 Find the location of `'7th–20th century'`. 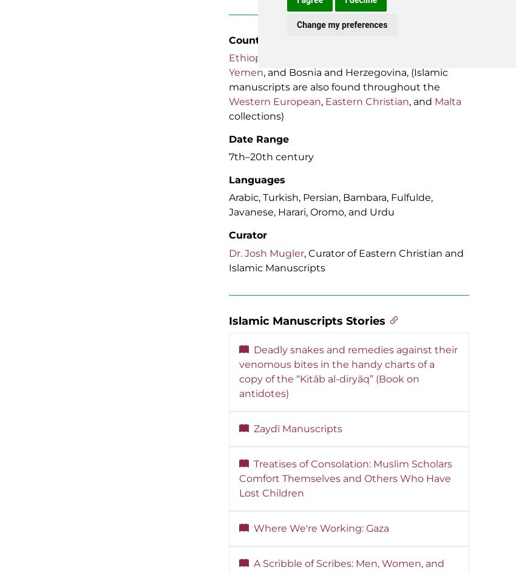

'7th–20th century' is located at coordinates (271, 157).